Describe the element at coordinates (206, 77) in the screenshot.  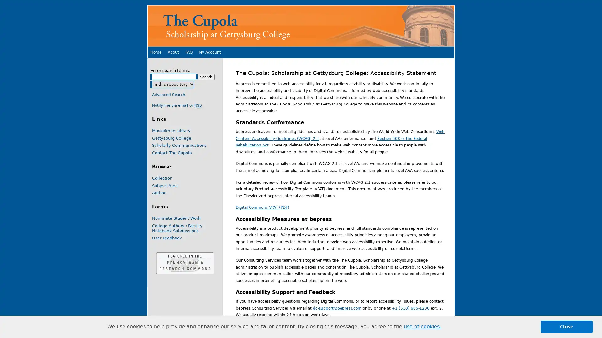
I see `Search` at that location.